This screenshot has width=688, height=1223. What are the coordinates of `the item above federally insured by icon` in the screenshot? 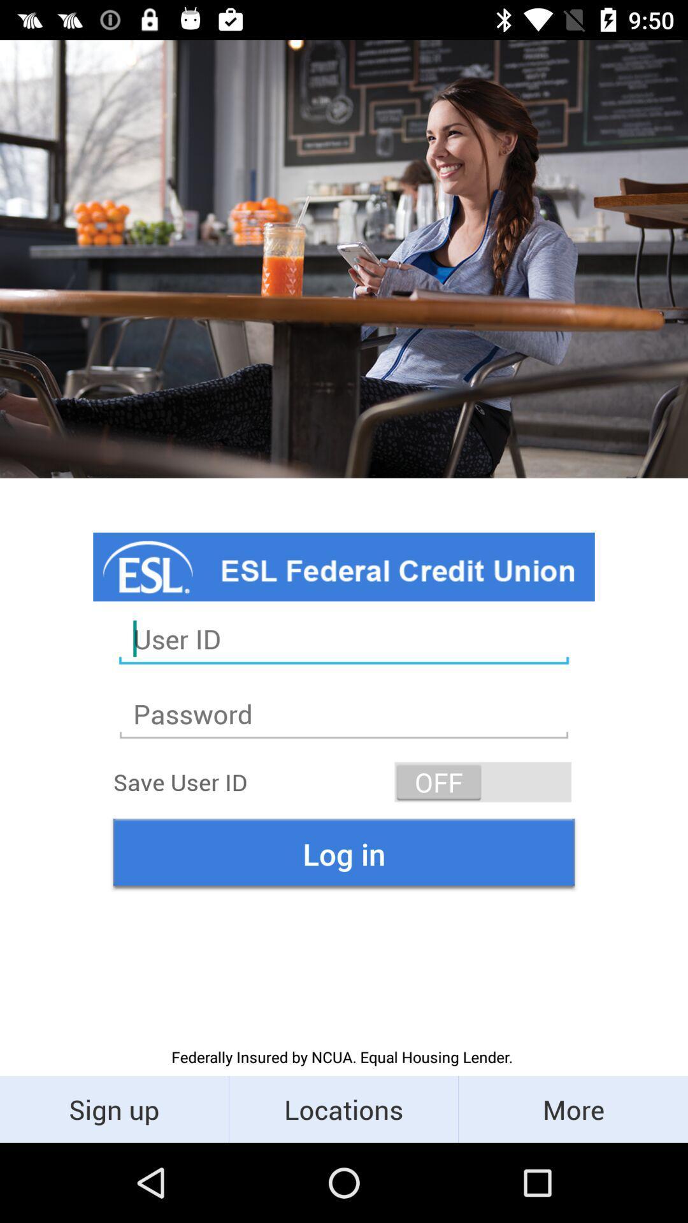 It's located at (344, 854).